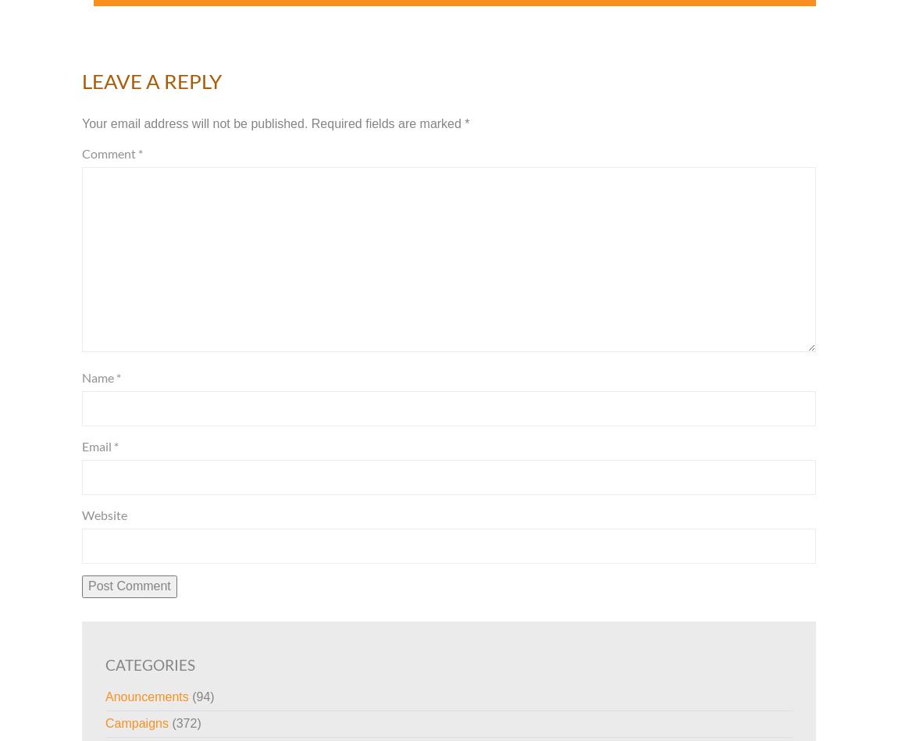 This screenshot has height=741, width=898. I want to click on 'Name', so click(98, 376).